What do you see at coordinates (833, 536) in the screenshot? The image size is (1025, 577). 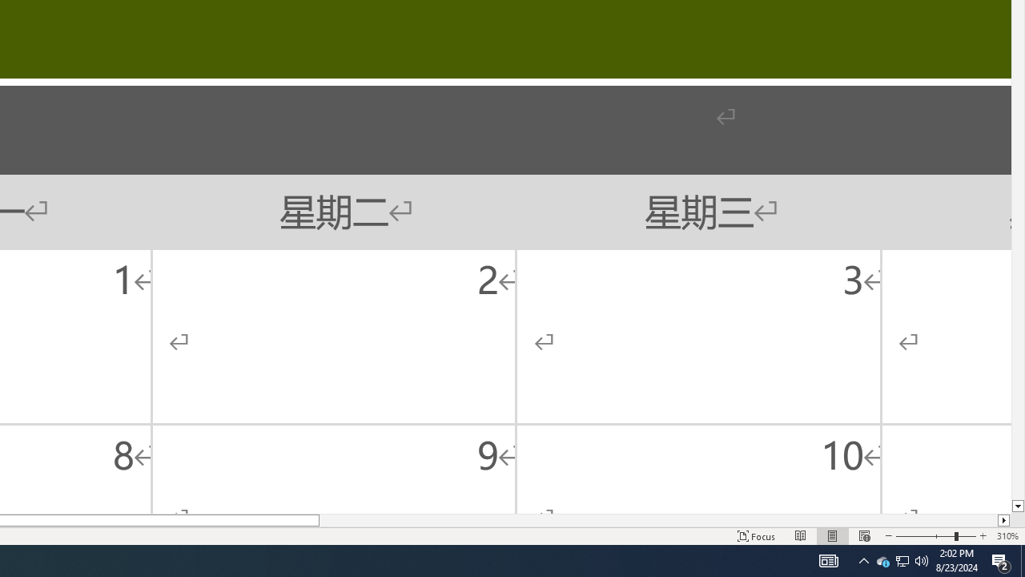 I see `'Print Layout'` at bounding box center [833, 536].